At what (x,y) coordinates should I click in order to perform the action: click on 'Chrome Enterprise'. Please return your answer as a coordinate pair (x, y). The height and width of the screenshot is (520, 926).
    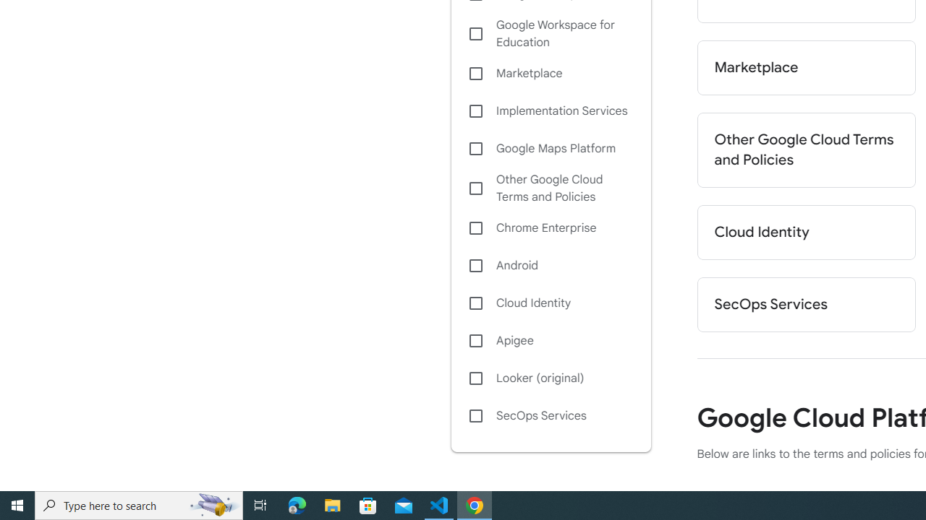
    Looking at the image, I should click on (550, 227).